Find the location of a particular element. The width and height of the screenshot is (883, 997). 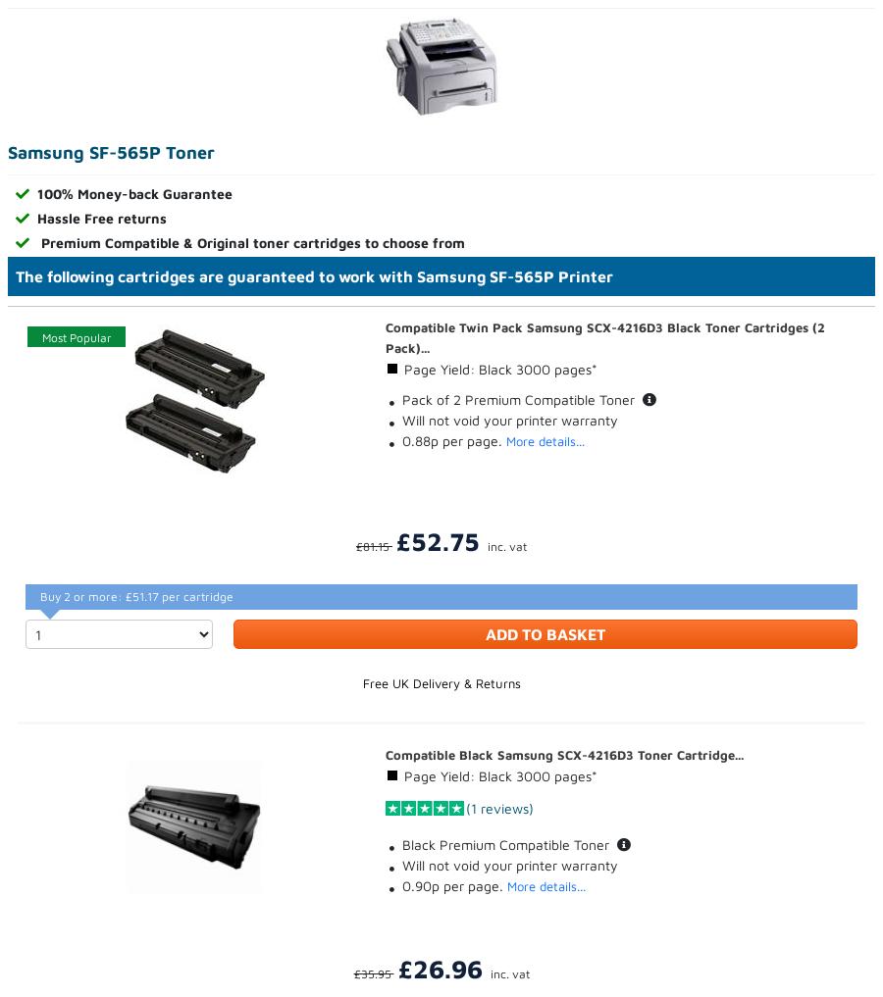

'Student, 16-26 & Apprentice Discount' is located at coordinates (556, 545).